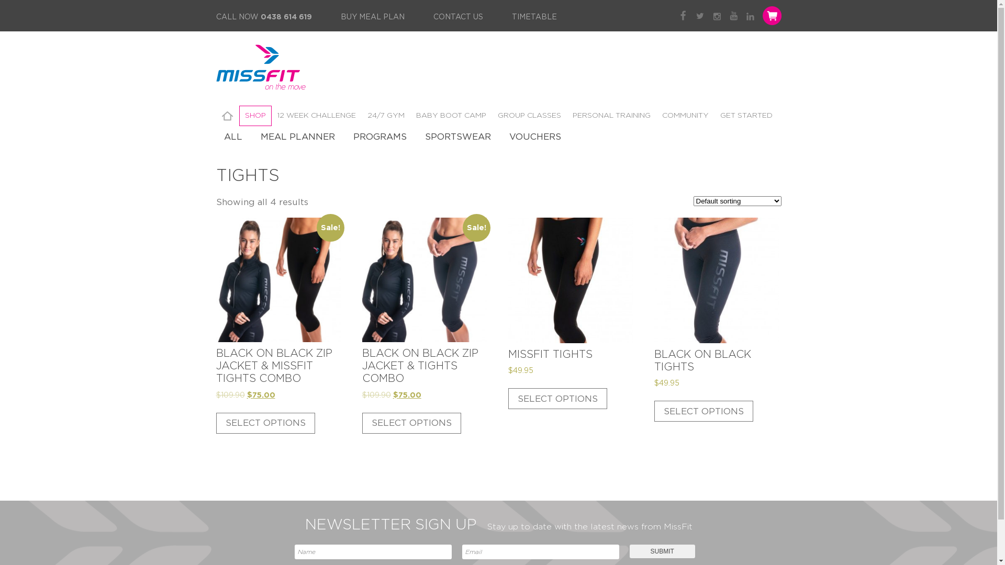 The height and width of the screenshot is (565, 1005). Describe the element at coordinates (750, 16) in the screenshot. I see `'LinkedIn'` at that location.